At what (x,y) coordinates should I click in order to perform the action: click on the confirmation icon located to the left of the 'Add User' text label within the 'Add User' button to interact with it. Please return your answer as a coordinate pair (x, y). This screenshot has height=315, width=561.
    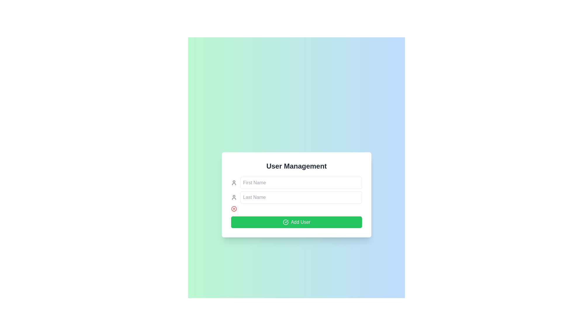
    Looking at the image, I should click on (285, 222).